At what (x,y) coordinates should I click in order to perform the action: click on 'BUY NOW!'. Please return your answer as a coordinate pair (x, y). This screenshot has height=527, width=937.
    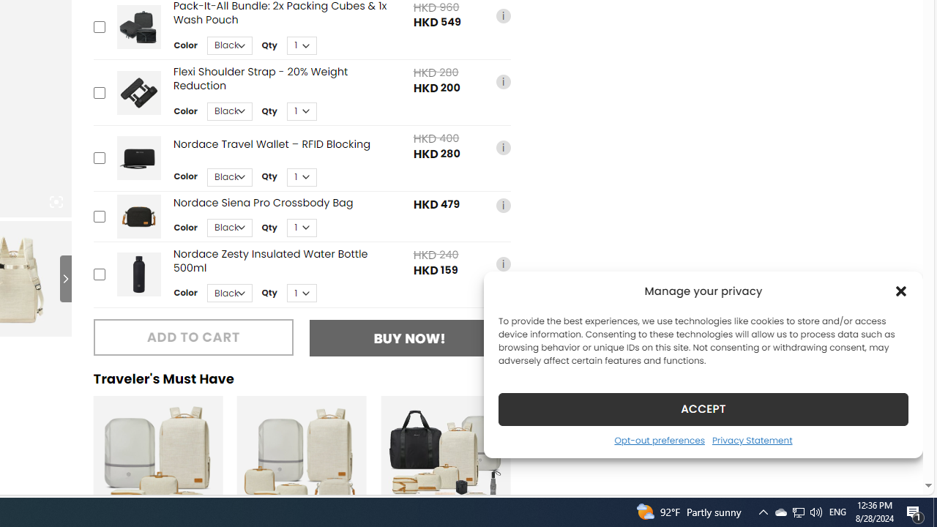
    Looking at the image, I should click on (410, 338).